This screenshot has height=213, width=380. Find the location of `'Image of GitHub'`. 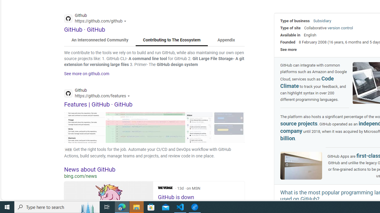

'Image of GitHub' is located at coordinates (301, 166).